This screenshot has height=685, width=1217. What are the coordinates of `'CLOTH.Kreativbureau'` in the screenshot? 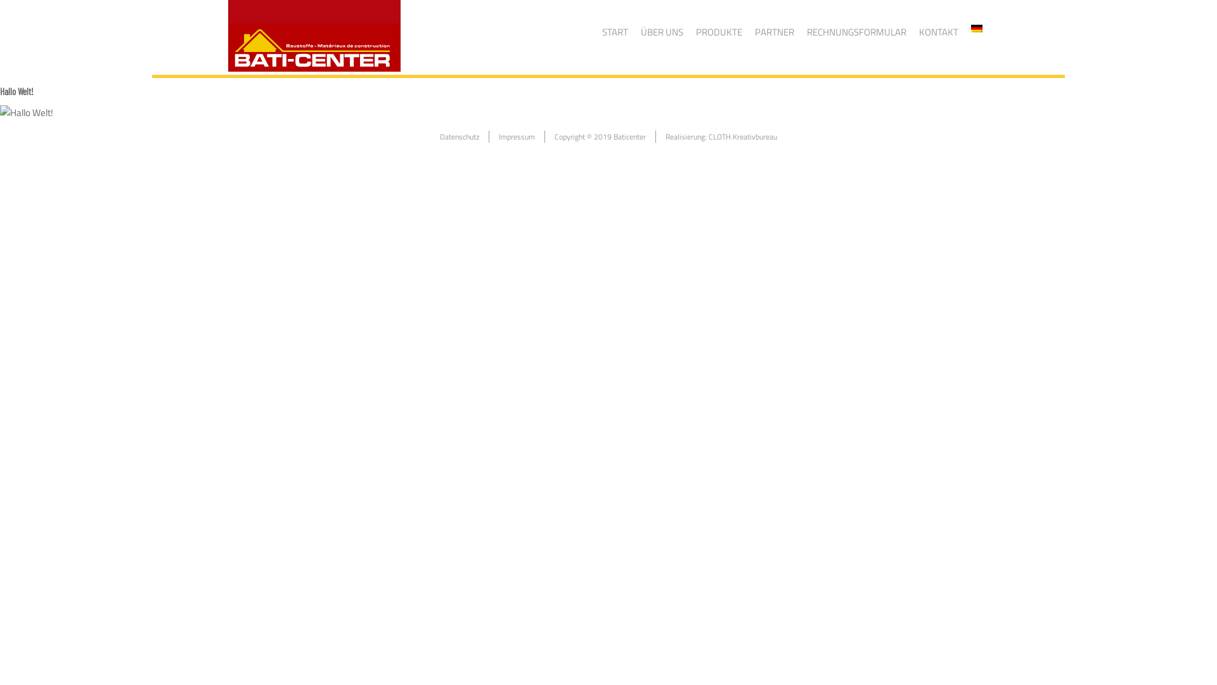 It's located at (742, 136).